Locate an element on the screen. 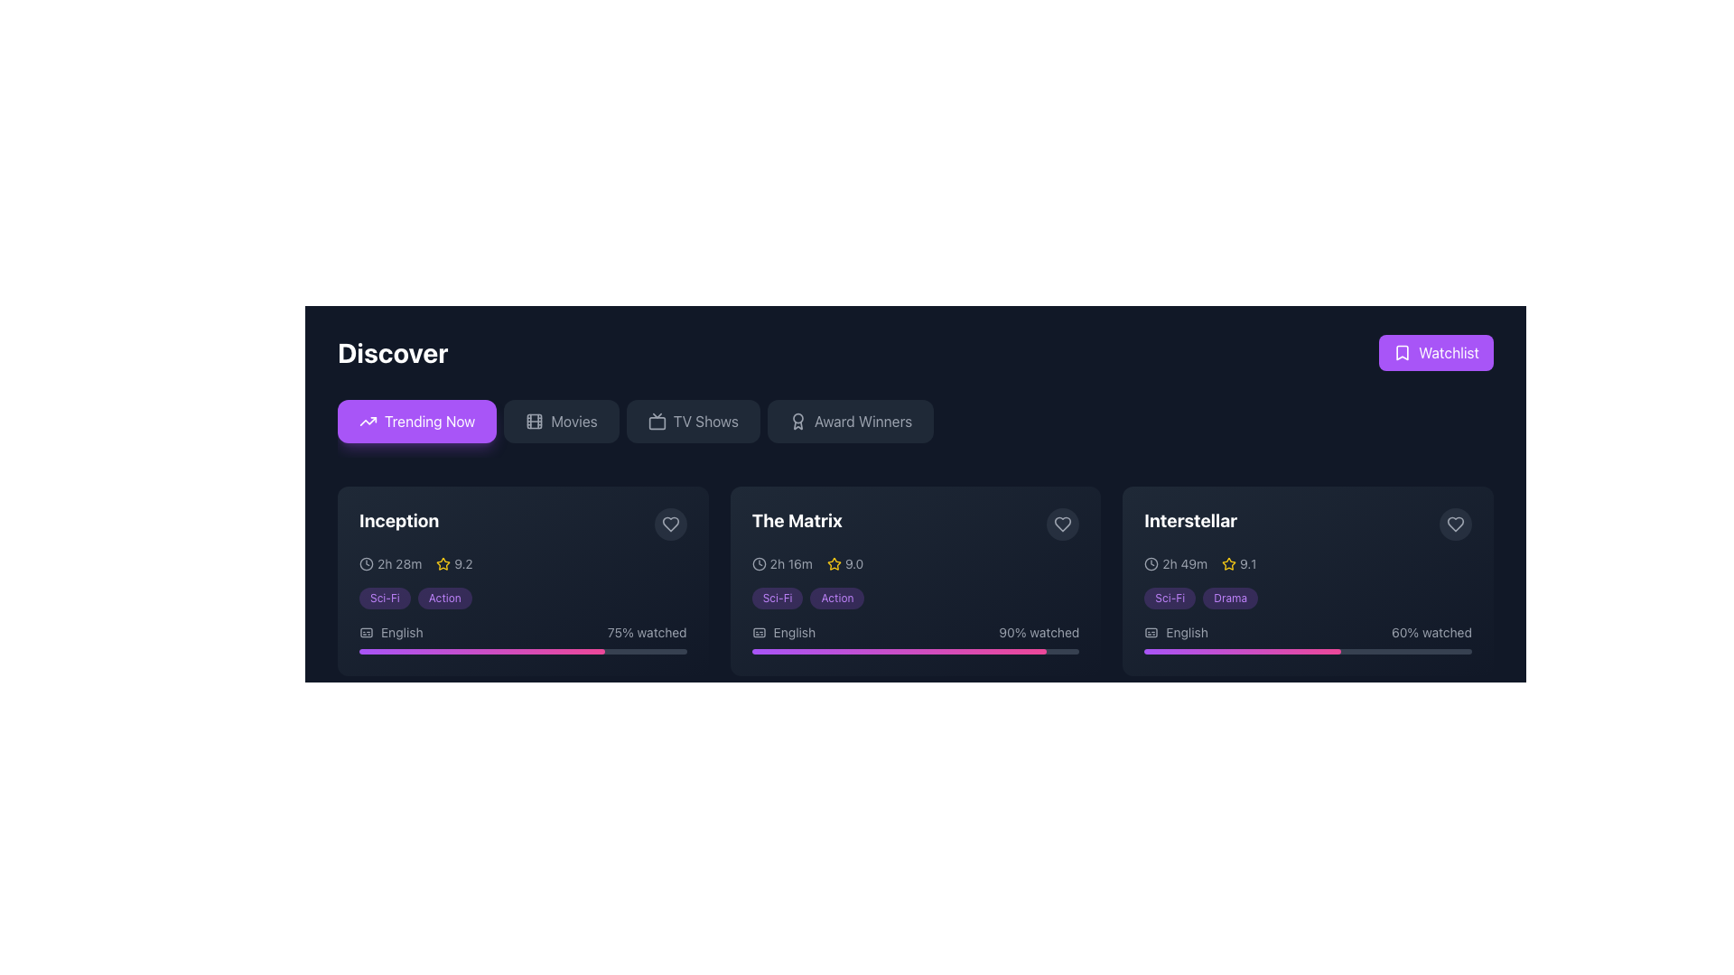 Image resolution: width=1734 pixels, height=975 pixels. the 'Movies' button, which is the second button in the horizontal list of navigation items below the 'Discover' heading, to observe the visual hover effect is located at coordinates (561, 421).